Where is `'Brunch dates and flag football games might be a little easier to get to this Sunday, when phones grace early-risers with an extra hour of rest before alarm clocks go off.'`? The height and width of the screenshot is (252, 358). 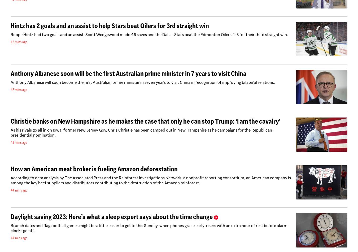
'Brunch dates and flag football games might be a little easier to get to this Sunday, when phones grace early-risers with an extra hour of rest before alarm clocks go off.' is located at coordinates (149, 228).